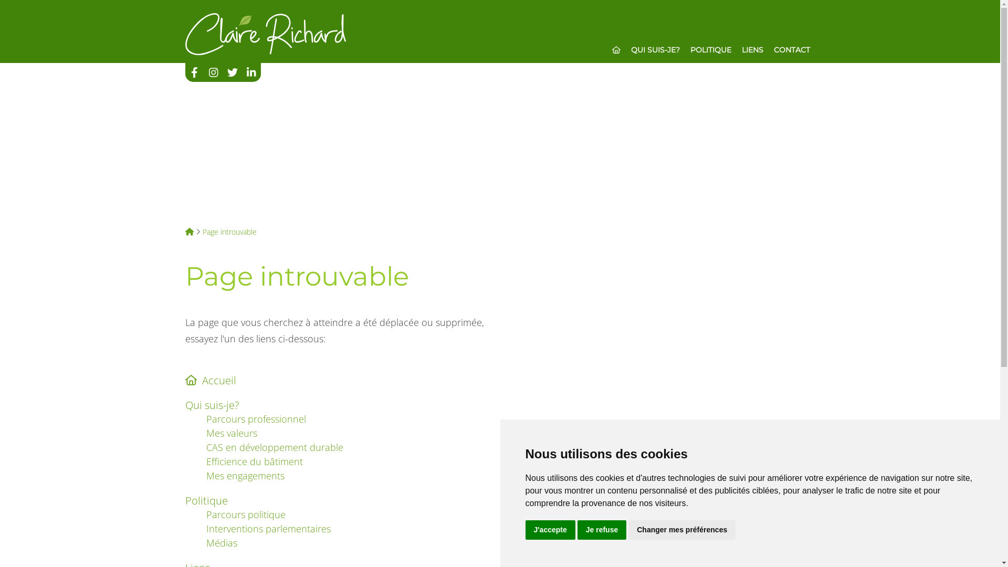 The height and width of the screenshot is (567, 1008). Describe the element at coordinates (268, 528) in the screenshot. I see `'Interventions parlementaires'` at that location.